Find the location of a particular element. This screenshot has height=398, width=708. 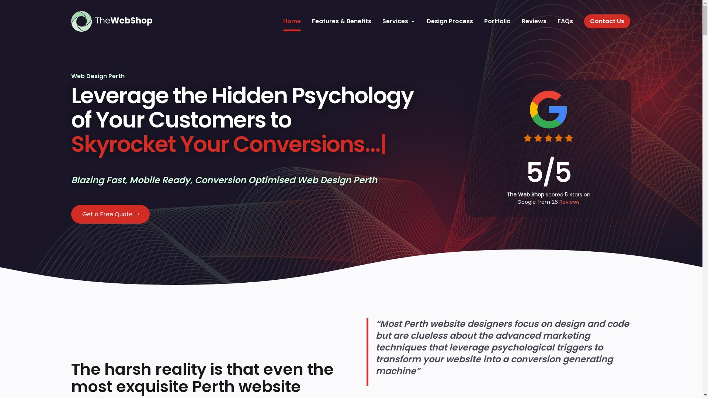

'Portfolio' is located at coordinates (497, 21).